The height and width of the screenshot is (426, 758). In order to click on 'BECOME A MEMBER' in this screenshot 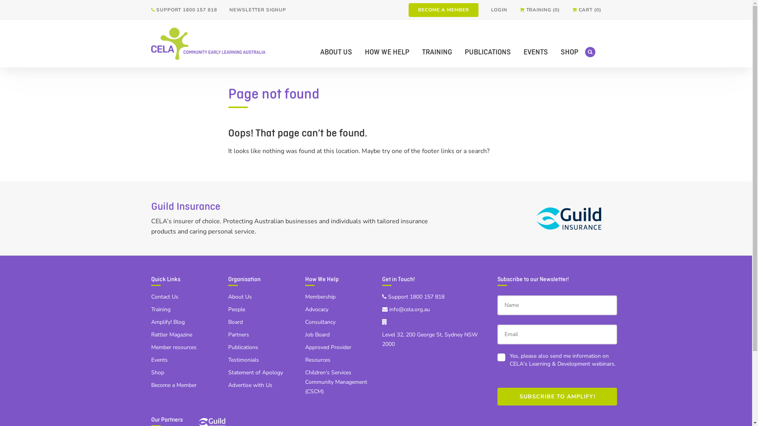, I will do `click(443, 10)`.